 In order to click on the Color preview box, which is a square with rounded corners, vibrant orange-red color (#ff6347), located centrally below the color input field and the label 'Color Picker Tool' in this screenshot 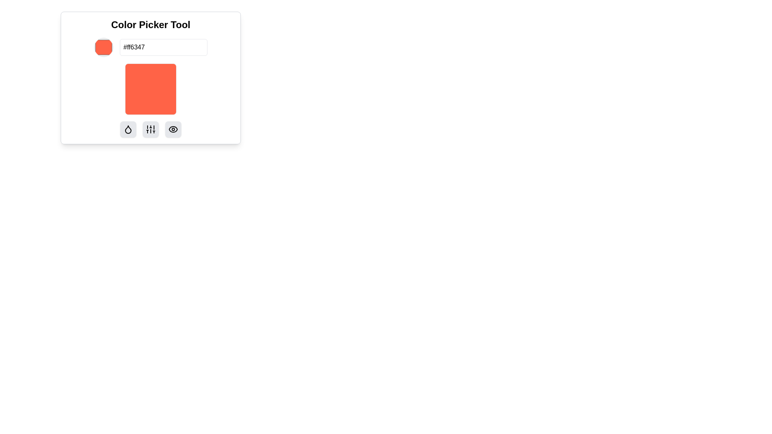, I will do `click(150, 89)`.